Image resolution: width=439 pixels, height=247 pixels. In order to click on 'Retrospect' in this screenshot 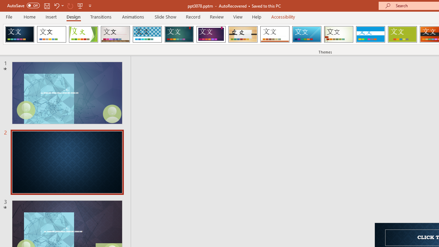, I will do `click(275, 34)`.